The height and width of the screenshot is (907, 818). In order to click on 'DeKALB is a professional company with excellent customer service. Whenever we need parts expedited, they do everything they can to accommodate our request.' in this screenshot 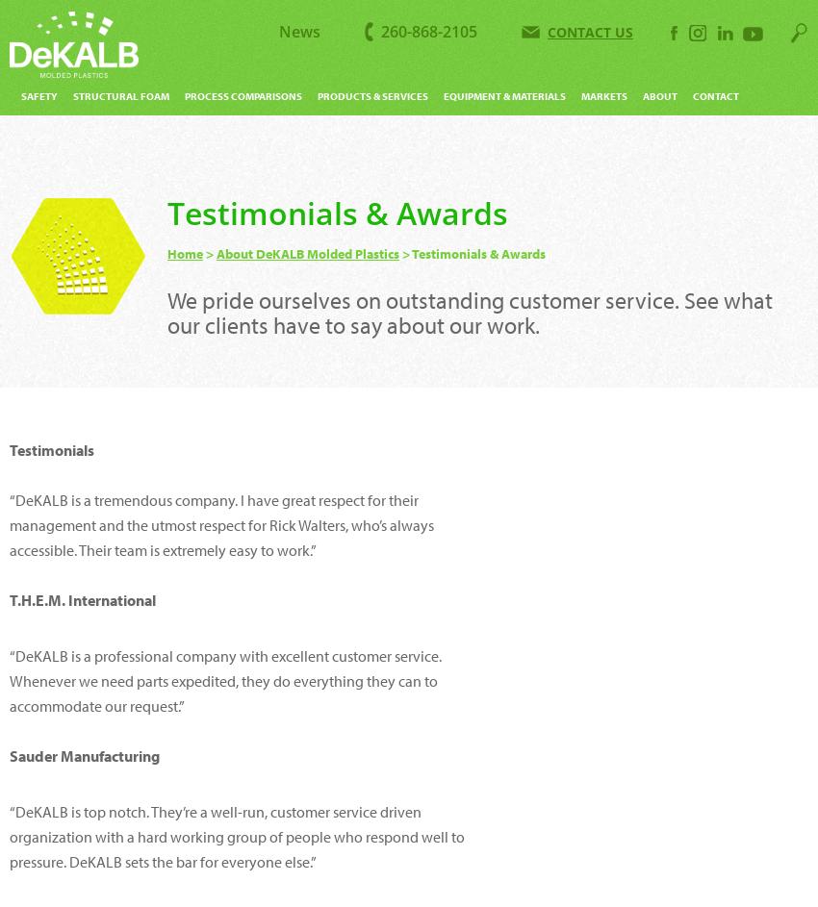, I will do `click(225, 680)`.